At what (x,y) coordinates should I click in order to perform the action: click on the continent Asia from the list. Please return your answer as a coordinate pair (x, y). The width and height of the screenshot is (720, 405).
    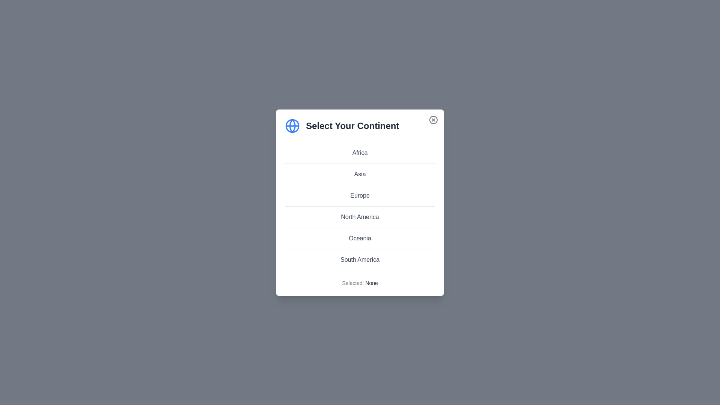
    Looking at the image, I should click on (360, 174).